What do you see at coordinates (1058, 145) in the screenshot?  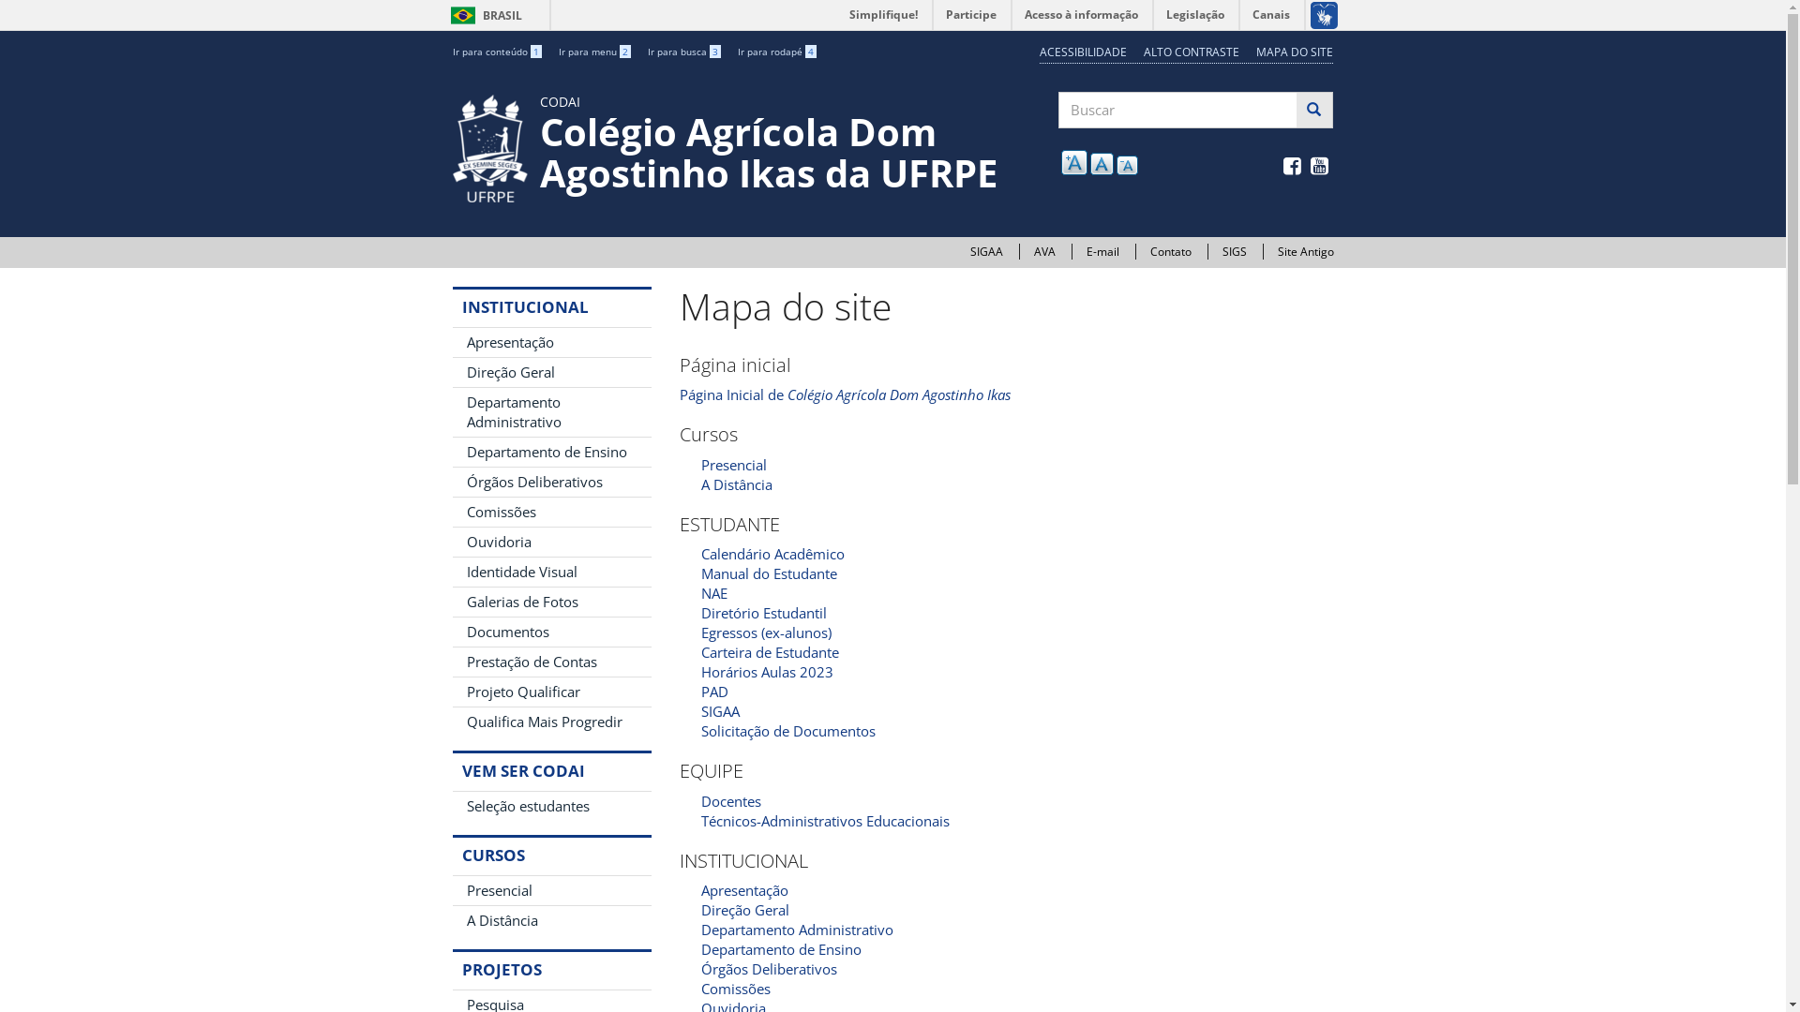 I see `'Buscar'` at bounding box center [1058, 145].